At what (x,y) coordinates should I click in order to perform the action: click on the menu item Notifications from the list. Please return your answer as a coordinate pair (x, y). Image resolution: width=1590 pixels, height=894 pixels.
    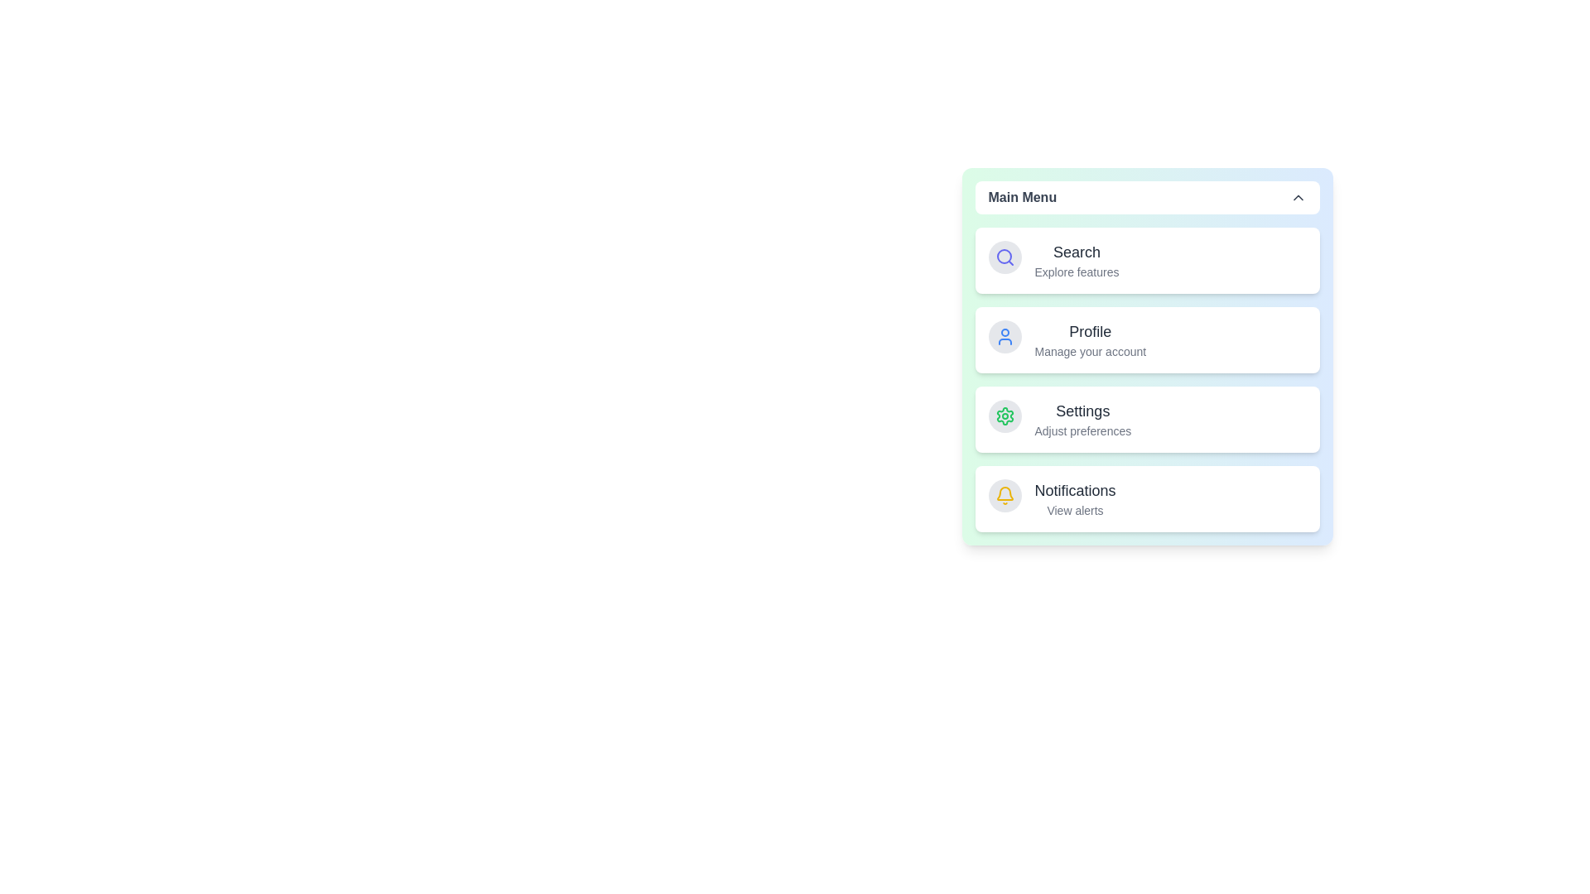
    Looking at the image, I should click on (1077, 497).